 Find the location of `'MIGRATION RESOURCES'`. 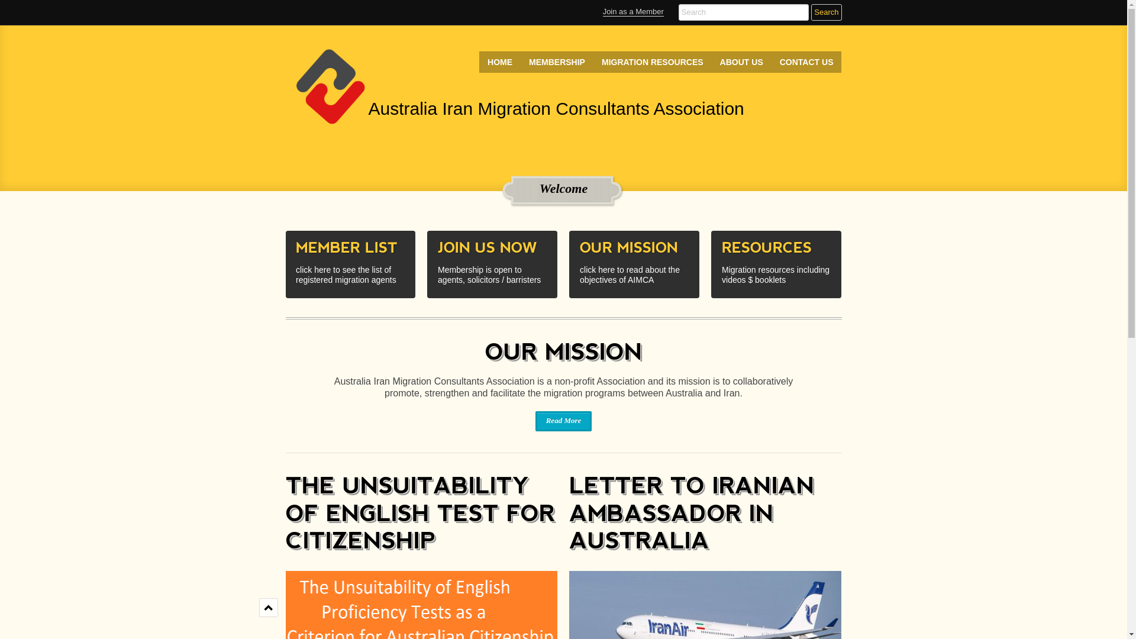

'MIGRATION RESOURCES' is located at coordinates (652, 62).